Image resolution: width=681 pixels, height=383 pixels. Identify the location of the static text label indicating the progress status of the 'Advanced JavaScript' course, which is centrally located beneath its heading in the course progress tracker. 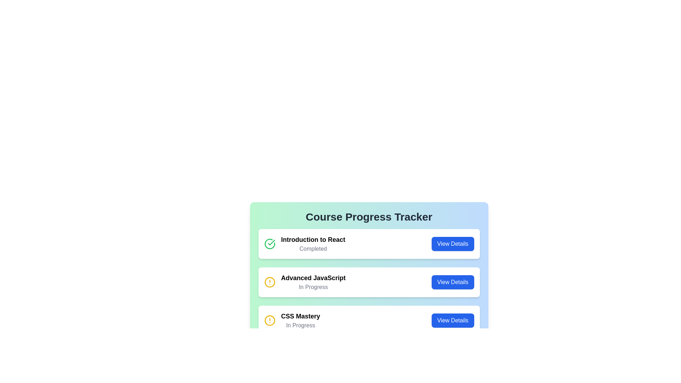
(313, 287).